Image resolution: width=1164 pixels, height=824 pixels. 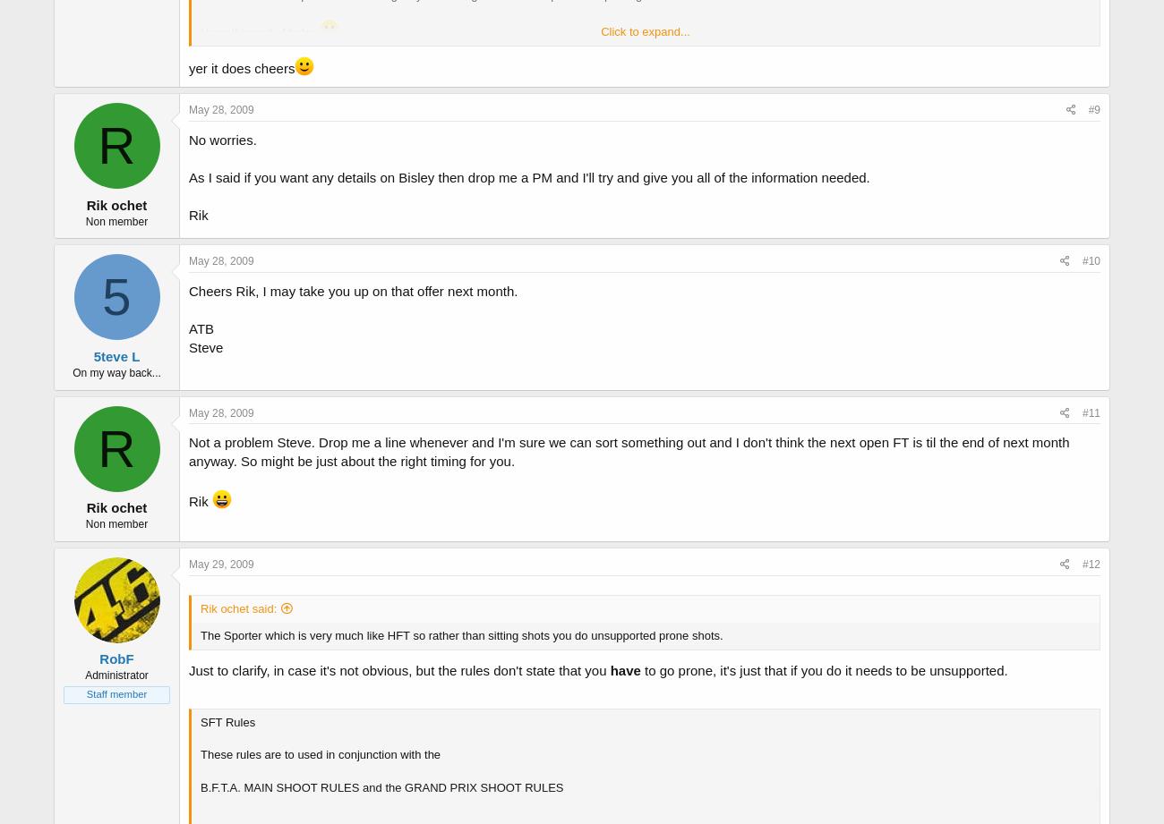 What do you see at coordinates (237, 607) in the screenshot?
I see `'Rik ochet said:'` at bounding box center [237, 607].